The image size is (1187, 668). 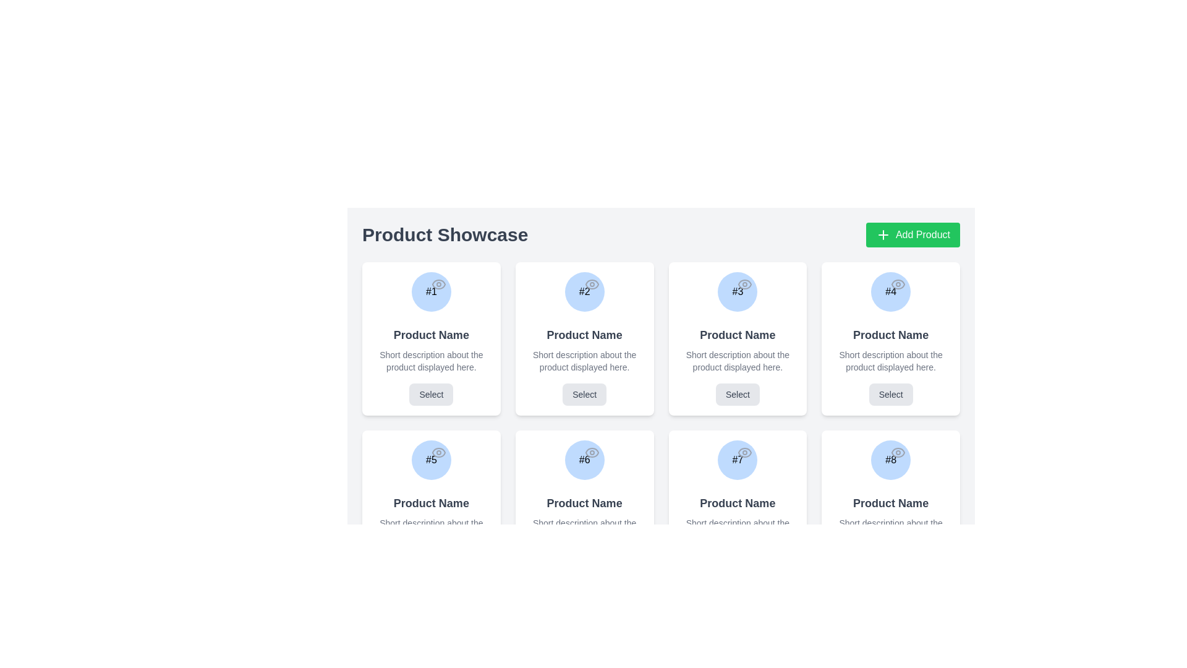 I want to click on the label that identifies the product as number 7, located at the top of the product information card, so click(x=738, y=460).